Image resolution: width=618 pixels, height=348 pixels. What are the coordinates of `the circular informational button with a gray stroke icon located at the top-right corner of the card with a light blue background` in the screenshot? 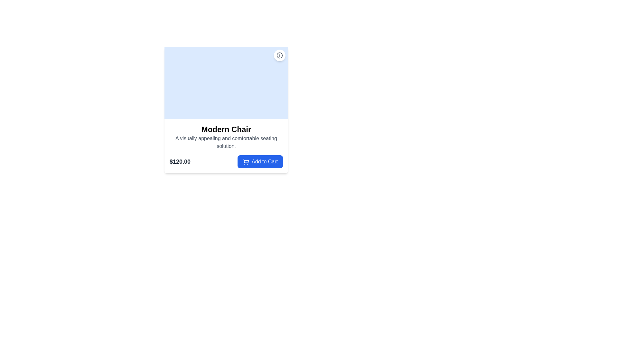 It's located at (279, 55).